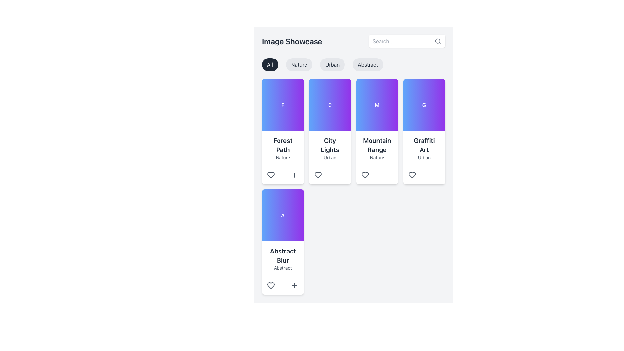  I want to click on text from the Text Label element displaying 'Abstract Blur' in bold, large dark gray font, located in the second row, first column of the card layout, so click(283, 255).